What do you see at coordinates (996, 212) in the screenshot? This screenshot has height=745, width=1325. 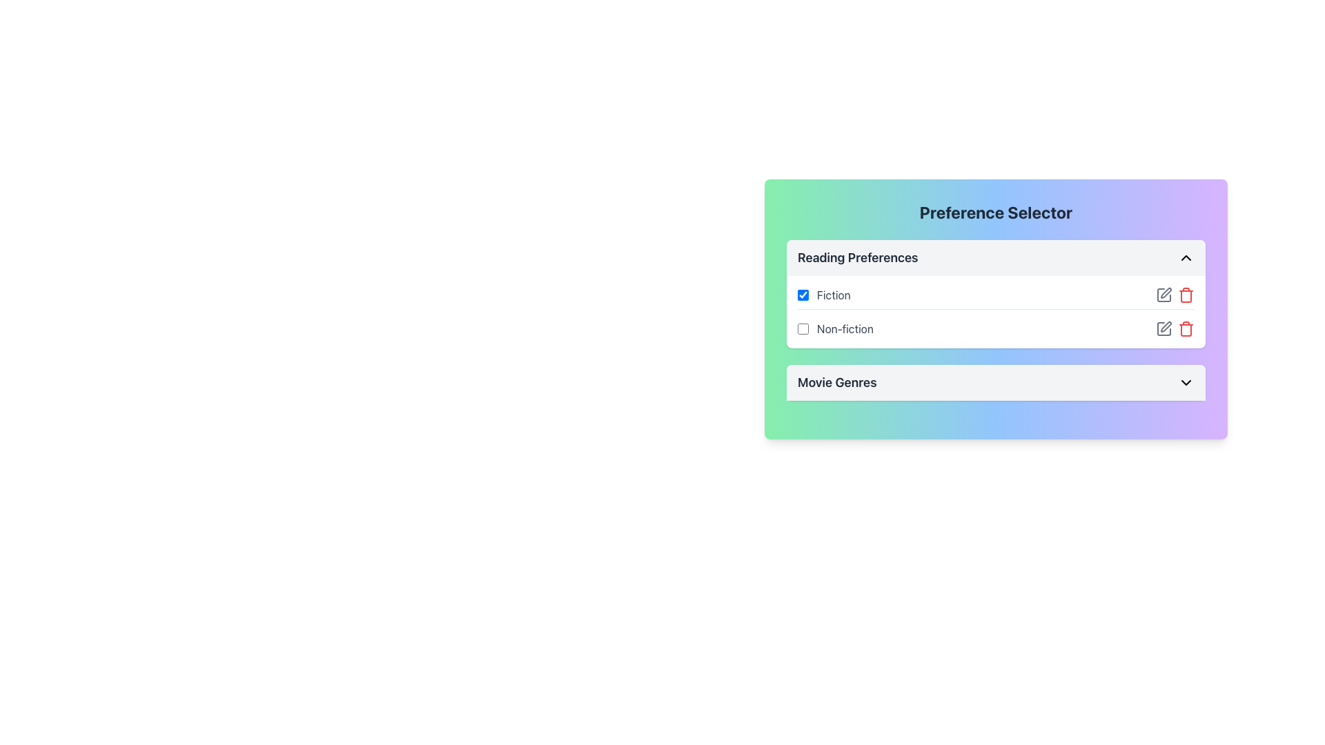 I see `the text label that serves as a title or header for the card's function, located at the top of the card with a gradient background transitioning from green to purple` at bounding box center [996, 212].